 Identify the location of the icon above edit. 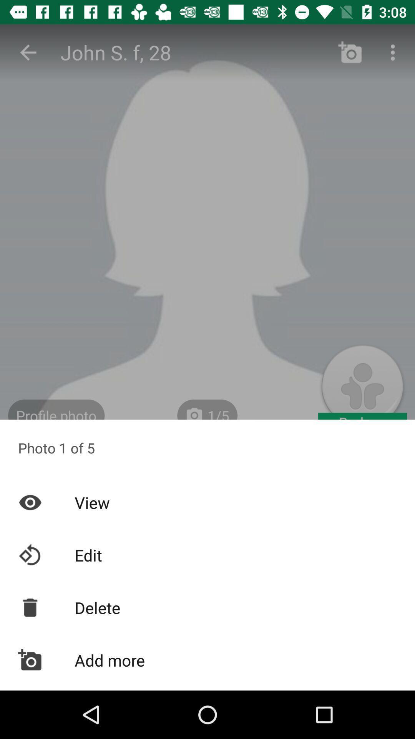
(207, 502).